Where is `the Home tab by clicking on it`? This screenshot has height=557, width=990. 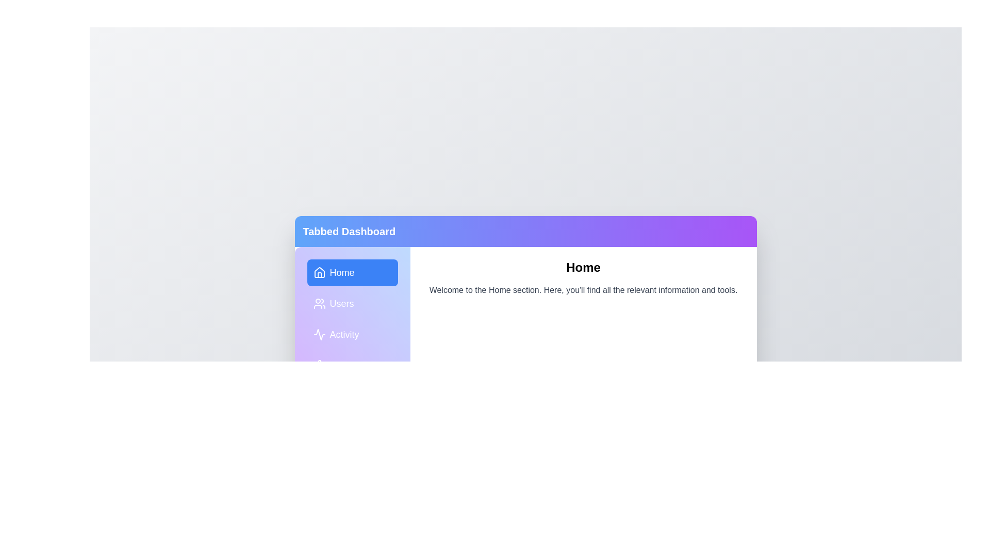 the Home tab by clicking on it is located at coordinates (352, 272).